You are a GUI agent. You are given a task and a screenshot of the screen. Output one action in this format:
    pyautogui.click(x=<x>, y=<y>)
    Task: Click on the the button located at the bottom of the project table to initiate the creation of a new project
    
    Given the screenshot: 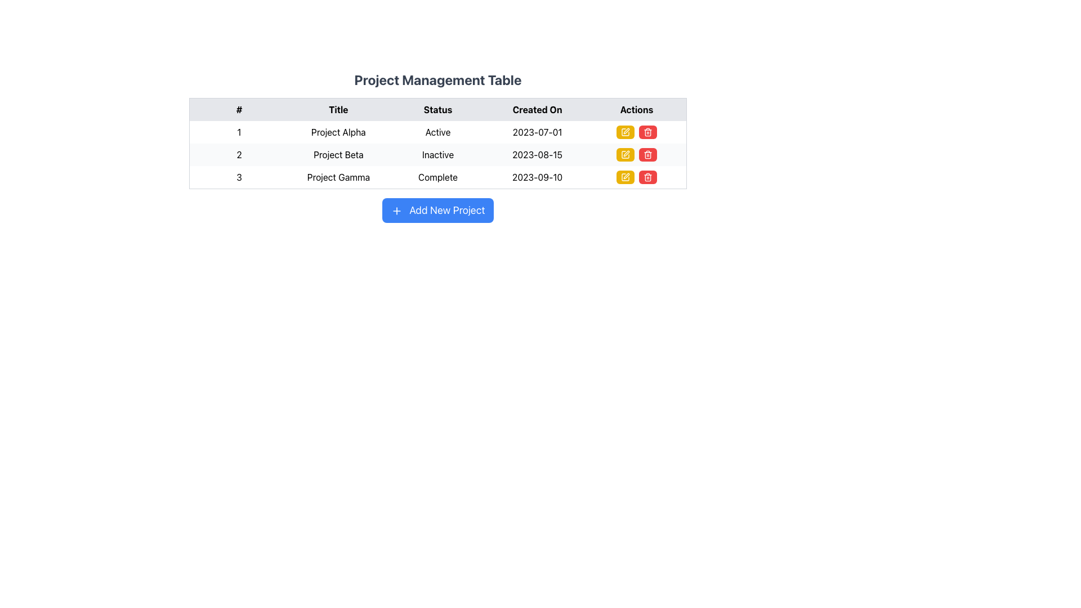 What is the action you would take?
    pyautogui.click(x=437, y=211)
    